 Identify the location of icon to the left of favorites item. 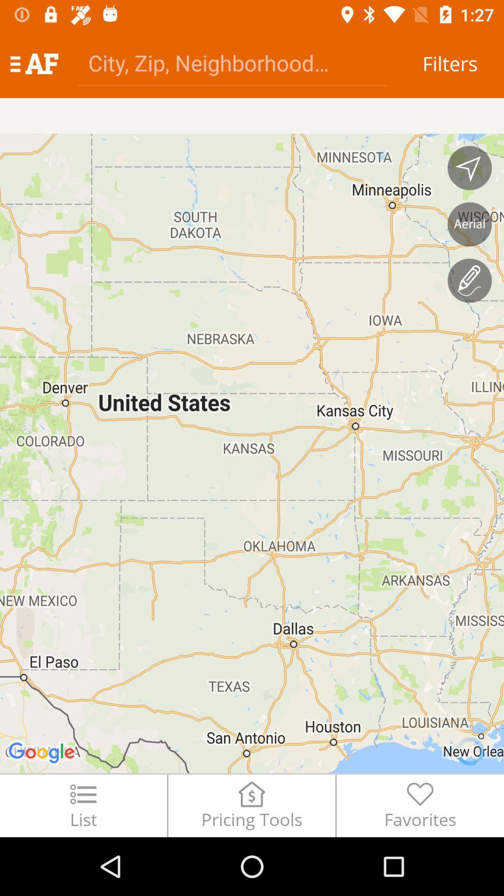
(251, 805).